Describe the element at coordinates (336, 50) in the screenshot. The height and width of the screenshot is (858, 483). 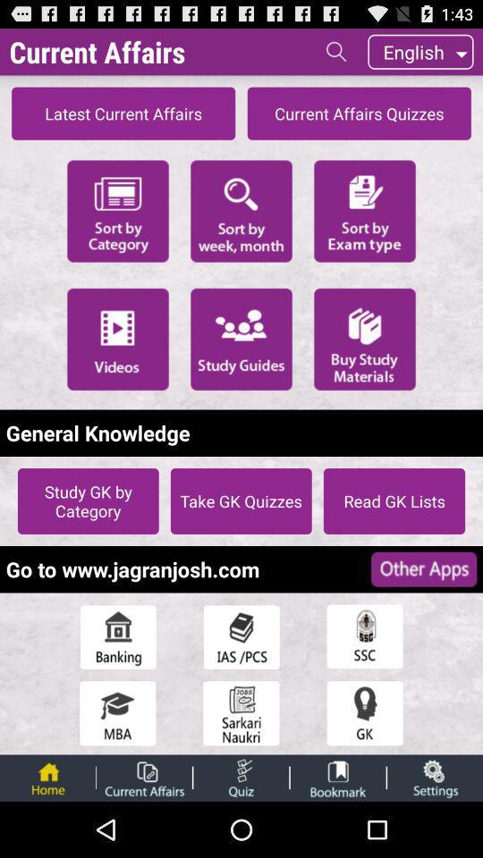
I see `search` at that location.